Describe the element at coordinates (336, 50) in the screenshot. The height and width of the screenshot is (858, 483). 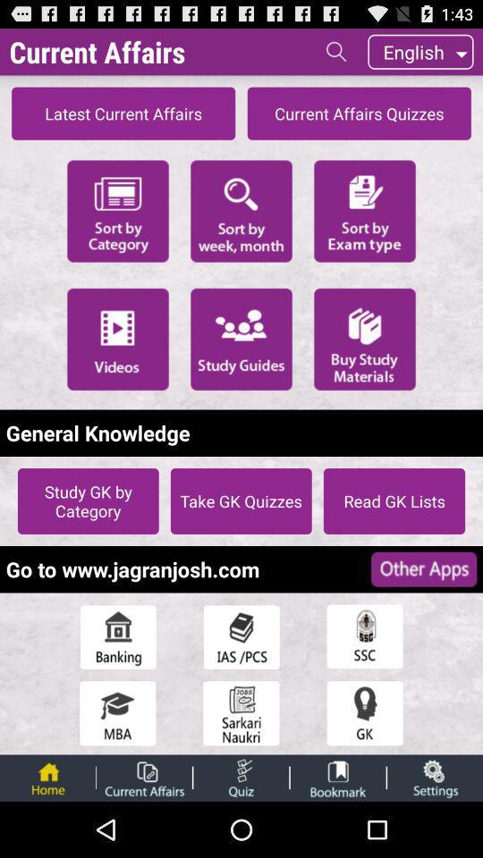
I see `search` at that location.